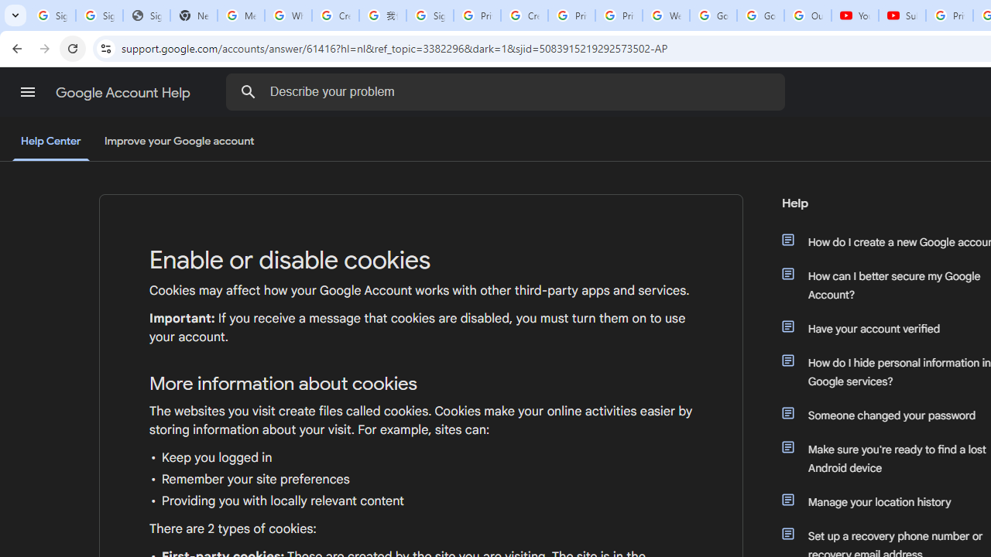 Image resolution: width=991 pixels, height=557 pixels. Describe the element at coordinates (288, 15) in the screenshot. I see `'Who is my administrator? - Google Account Help'` at that location.